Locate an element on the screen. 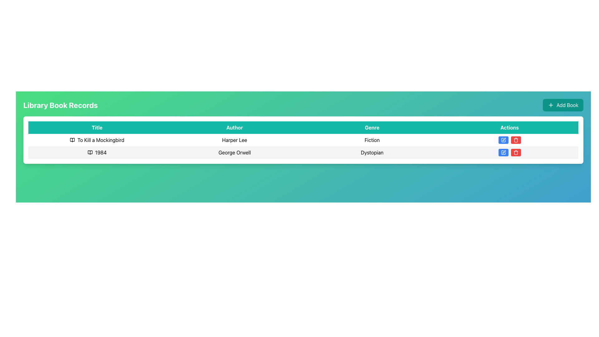 This screenshot has width=599, height=337. the delete icon located in the 'Actions' section of the second row of the table, aligned to the right next to the blue edit icon is located at coordinates (516, 153).